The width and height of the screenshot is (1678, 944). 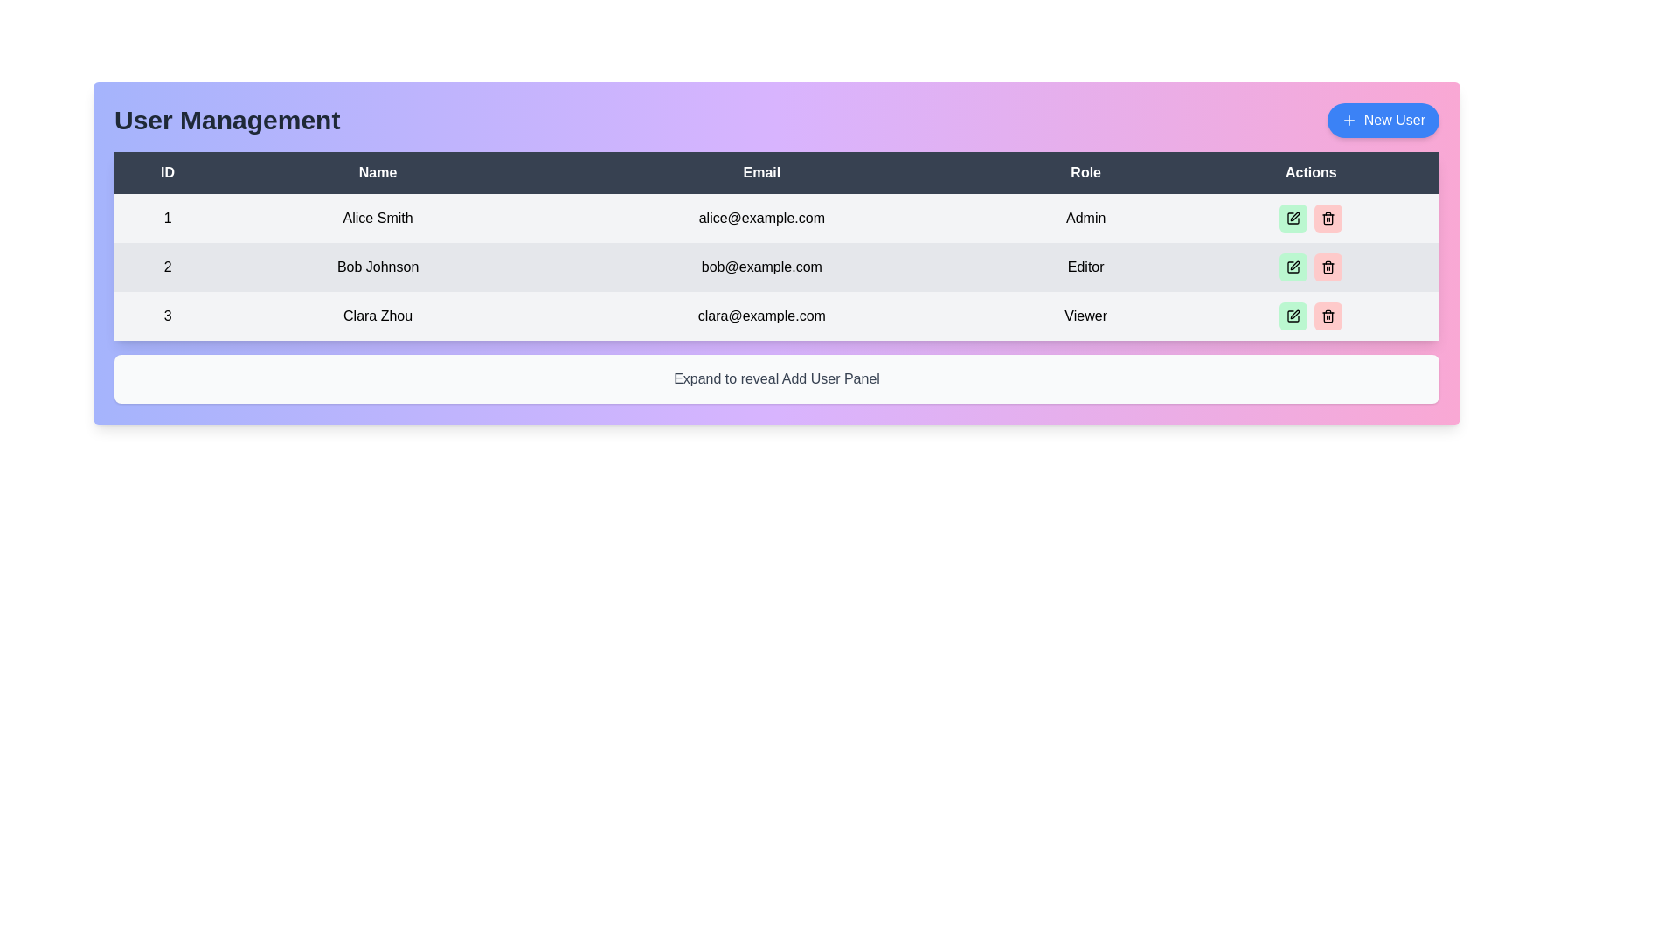 I want to click on the Text label displaying 'Clara Zhou' in the 'Name' column of the third row in the 'User Management' table, so click(x=377, y=316).